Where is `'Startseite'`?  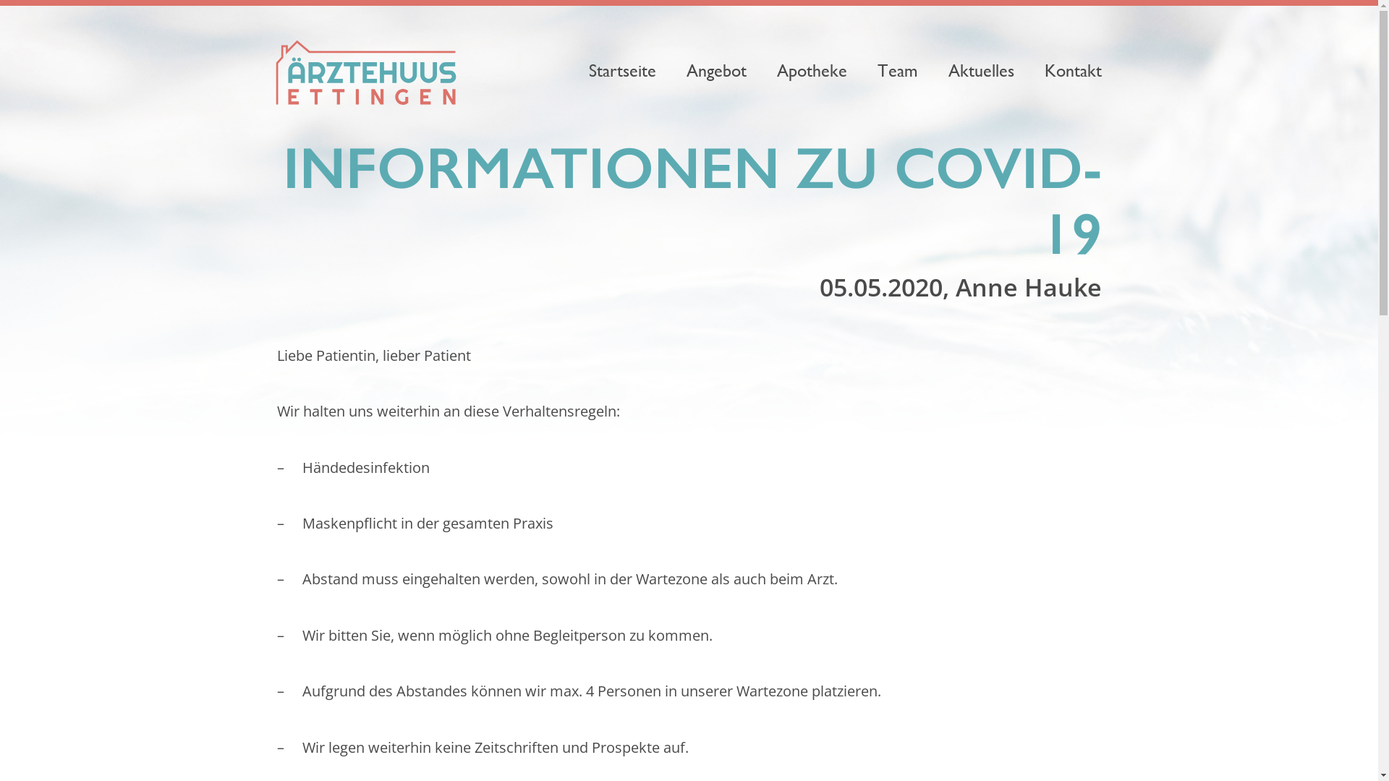 'Startseite' is located at coordinates (621, 70).